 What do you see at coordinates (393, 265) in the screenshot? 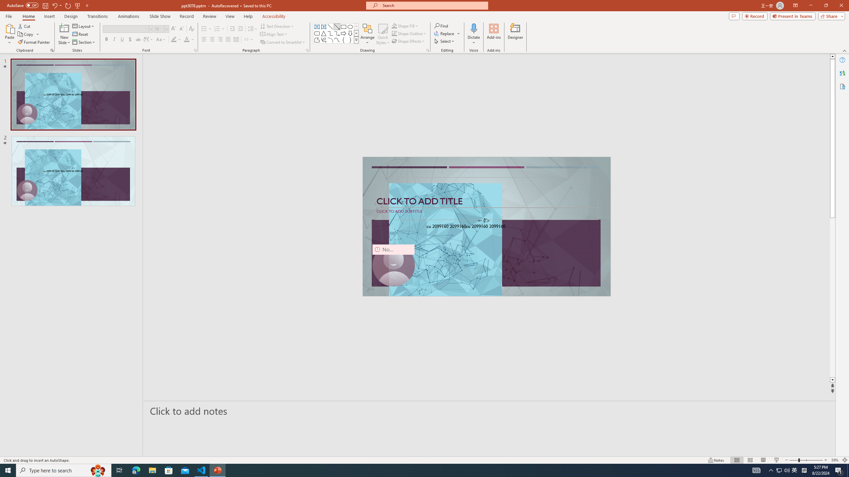
I see `'Camera 9, No camera detected.'` at bounding box center [393, 265].